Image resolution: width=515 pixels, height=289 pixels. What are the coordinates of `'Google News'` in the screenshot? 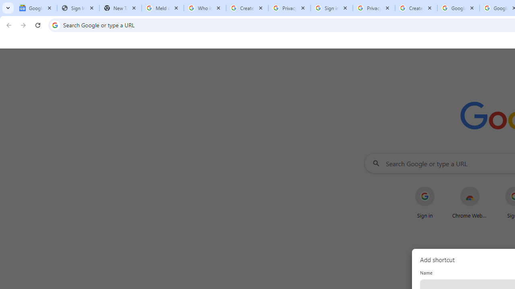 It's located at (35, 8).